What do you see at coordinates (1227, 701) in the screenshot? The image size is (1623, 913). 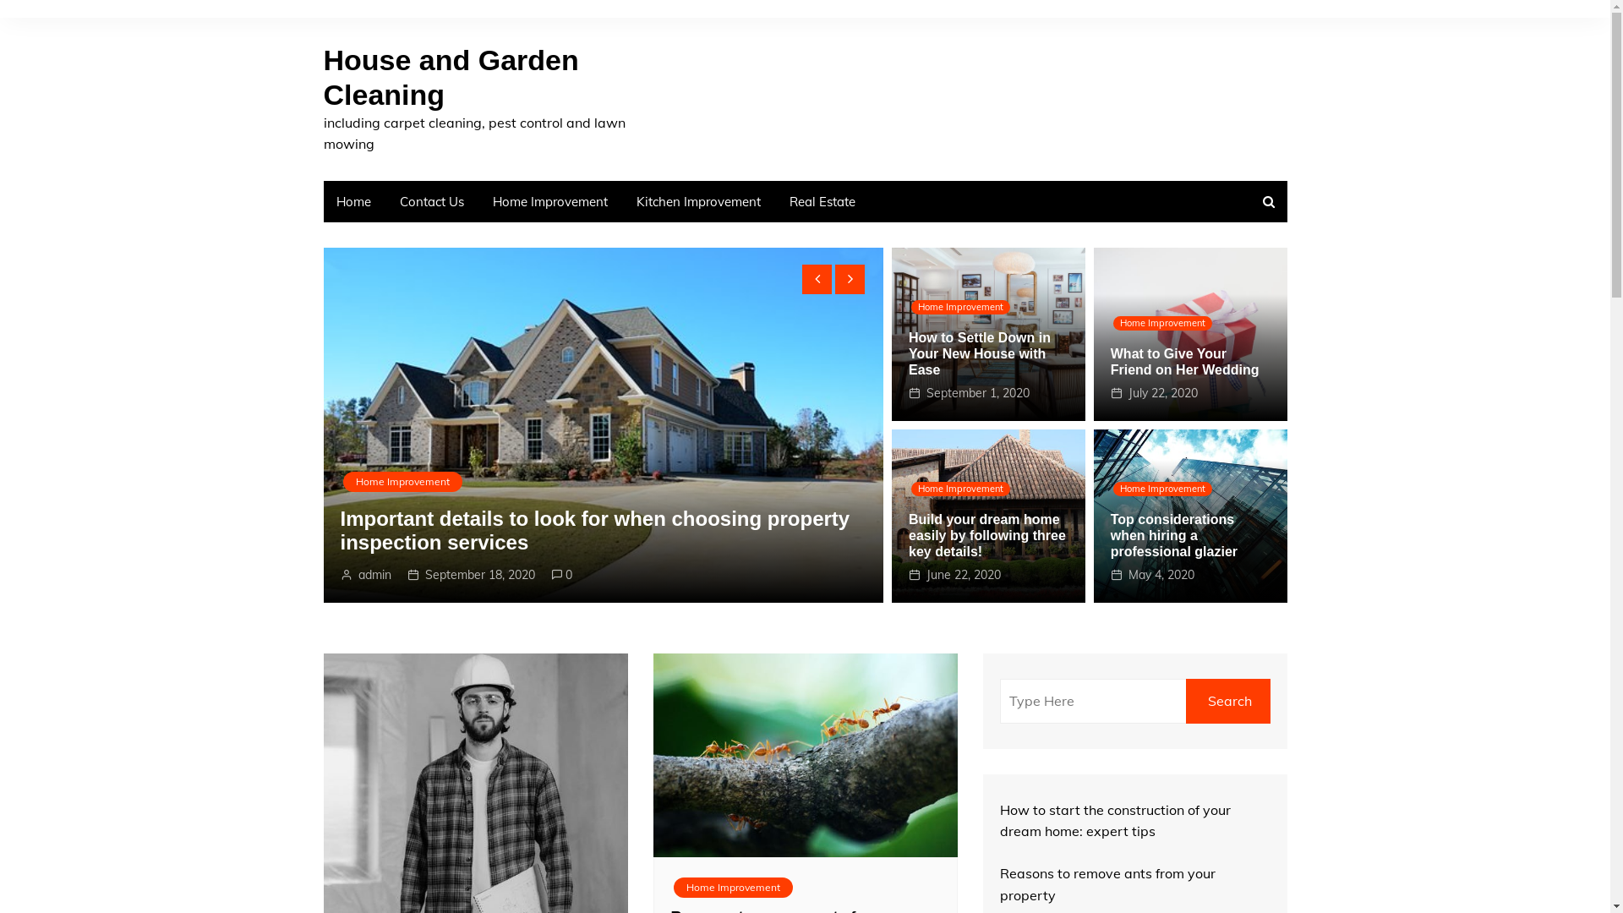 I see `'Search'` at bounding box center [1227, 701].